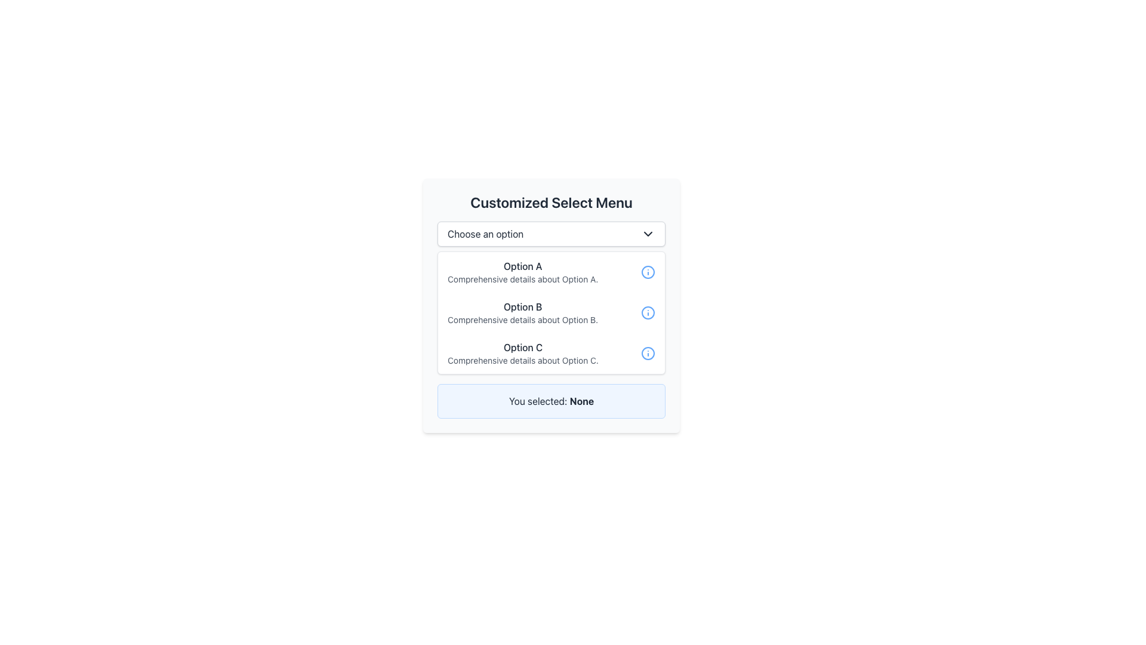 This screenshot has height=645, width=1146. What do you see at coordinates (647, 312) in the screenshot?
I see `the circular icon with a blue outline, which contains a vertical line segment intersecting a small dot, located to the far right of the 'Option B' selection box` at bounding box center [647, 312].